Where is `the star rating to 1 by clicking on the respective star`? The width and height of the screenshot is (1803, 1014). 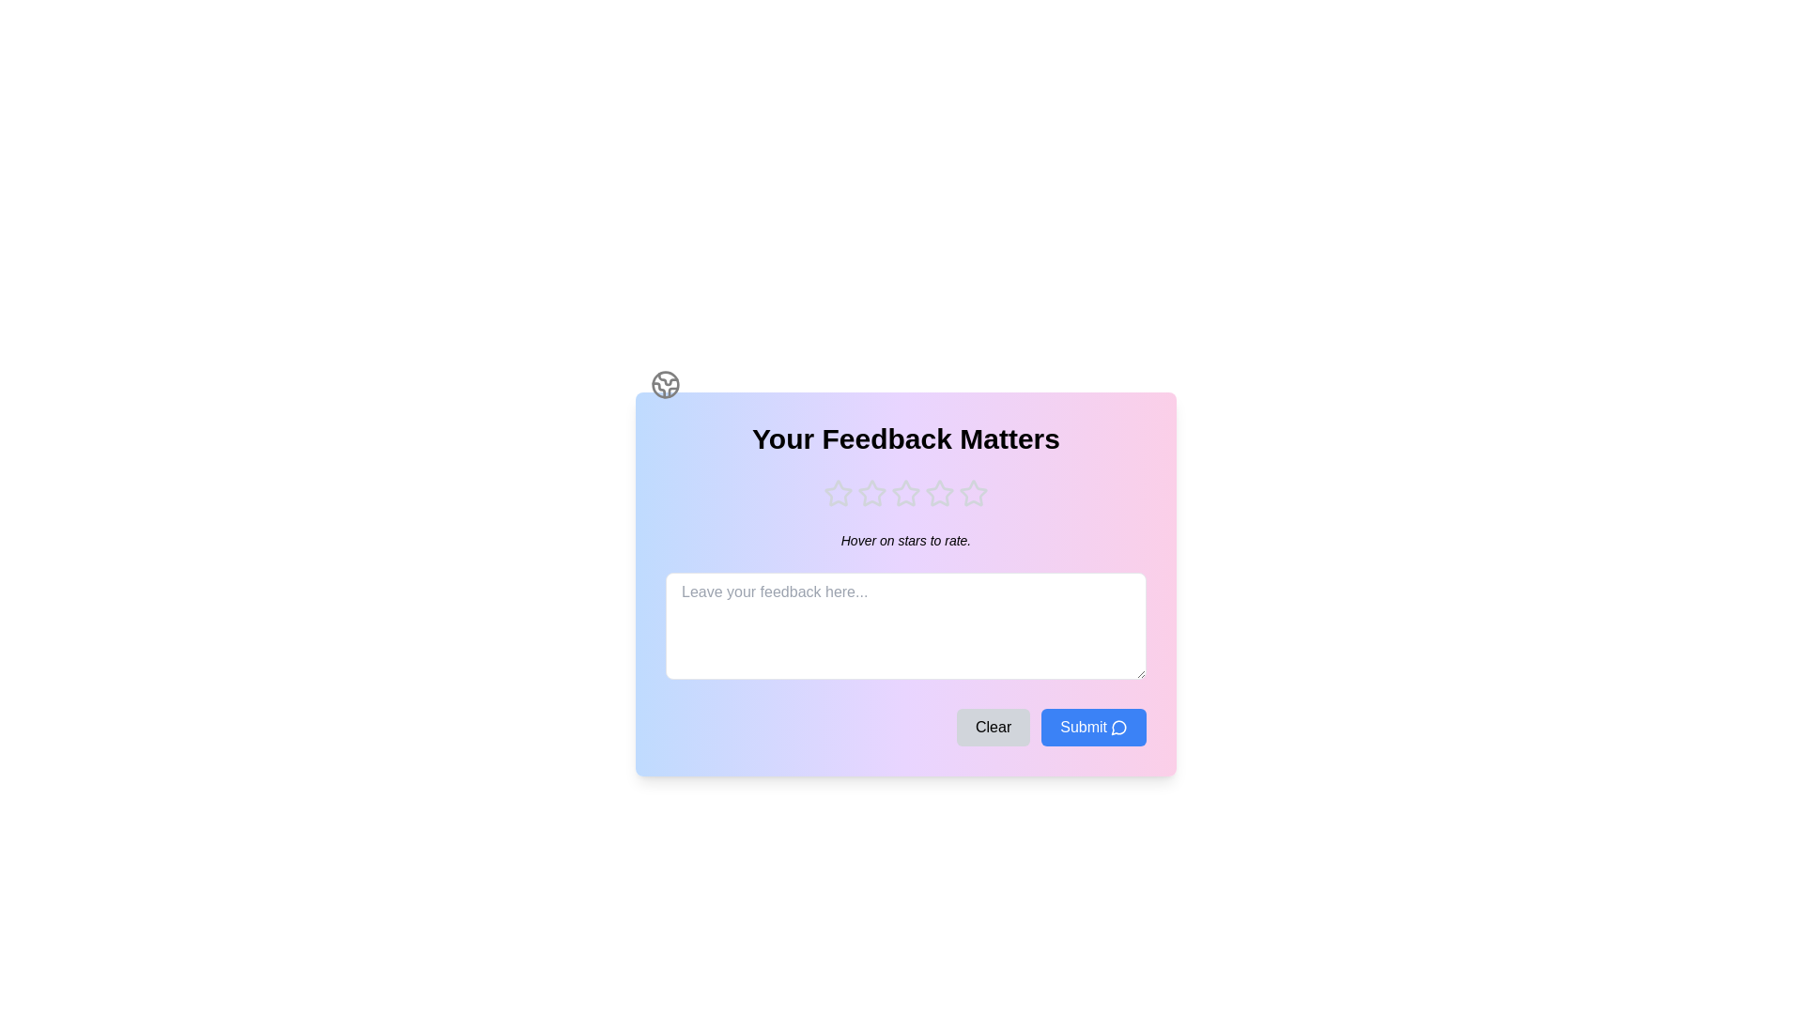
the star rating to 1 by clicking on the respective star is located at coordinates (837, 492).